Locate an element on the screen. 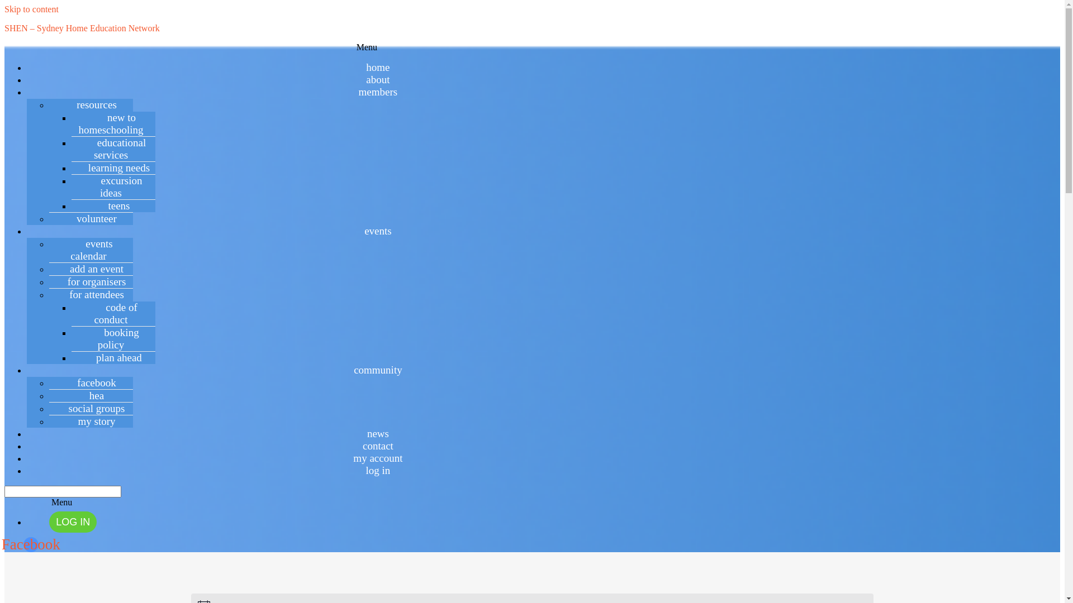  'educational services' is located at coordinates (113, 148).